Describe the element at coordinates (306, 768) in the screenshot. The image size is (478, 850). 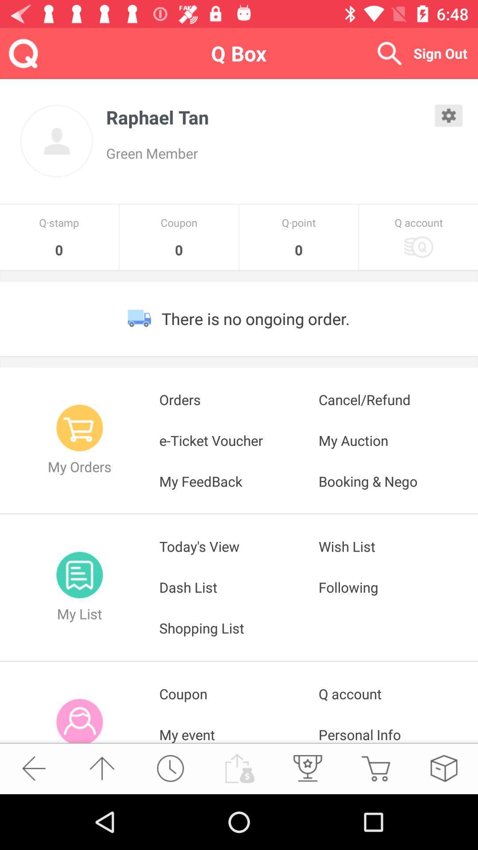
I see `the item below the my event app` at that location.